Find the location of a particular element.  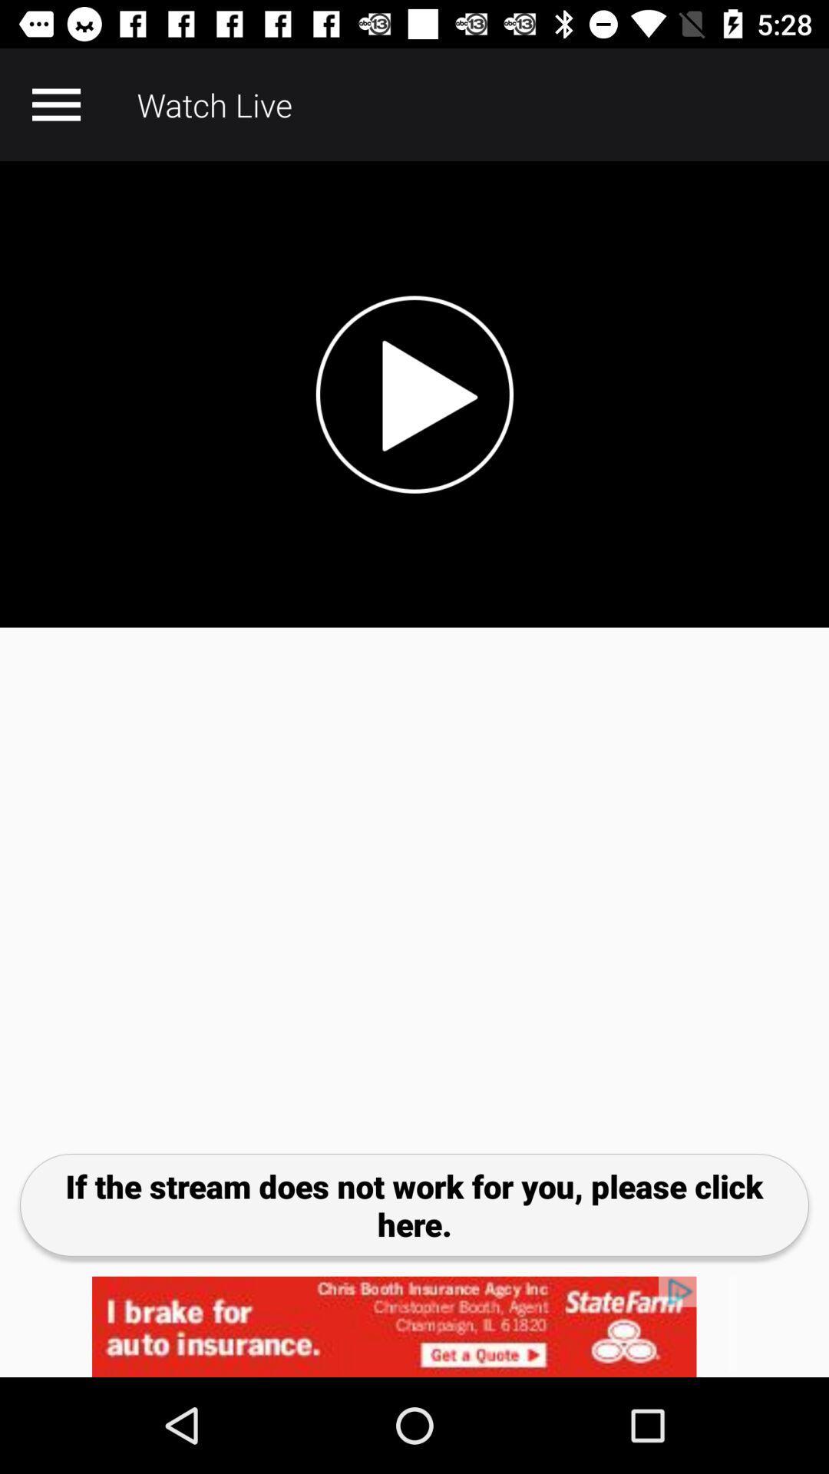

advertisement click is located at coordinates (414, 1326).